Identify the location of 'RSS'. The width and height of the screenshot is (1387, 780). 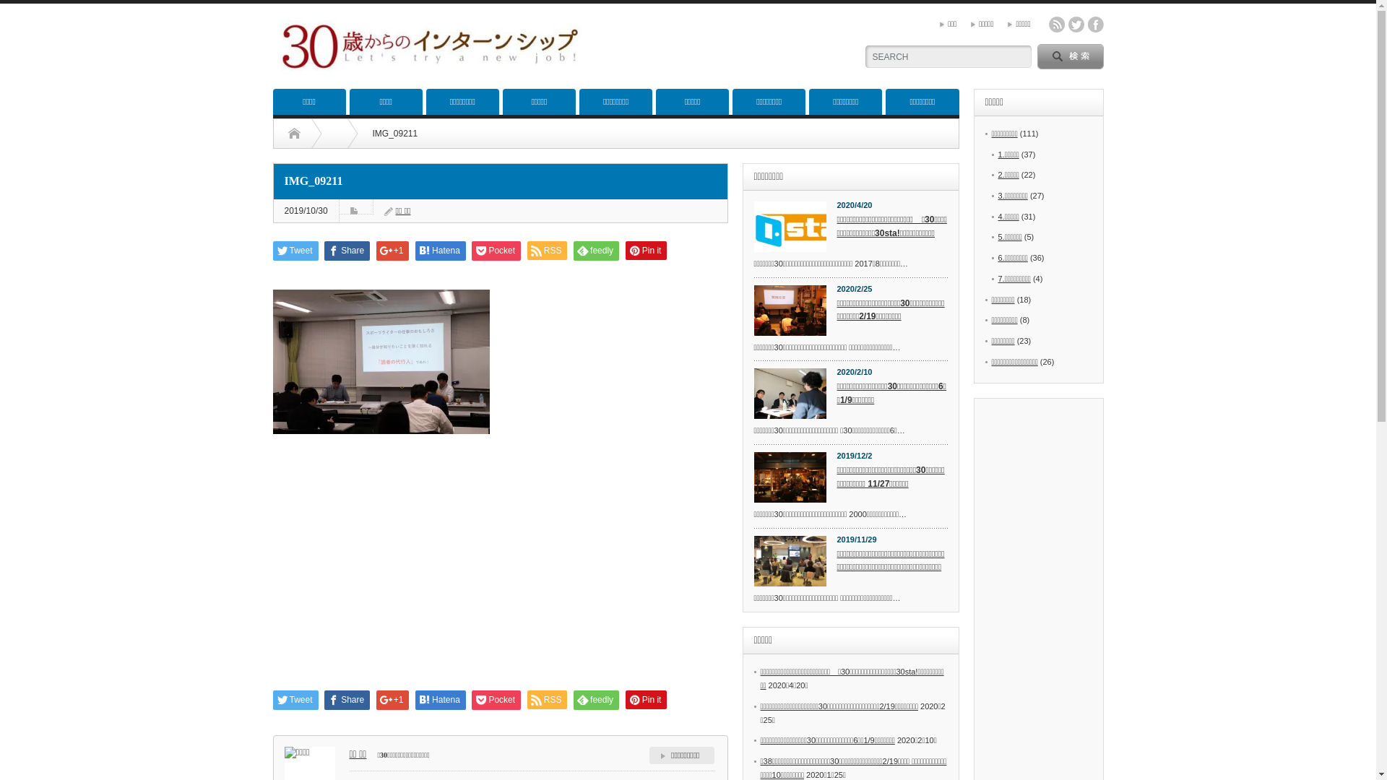
(547, 250).